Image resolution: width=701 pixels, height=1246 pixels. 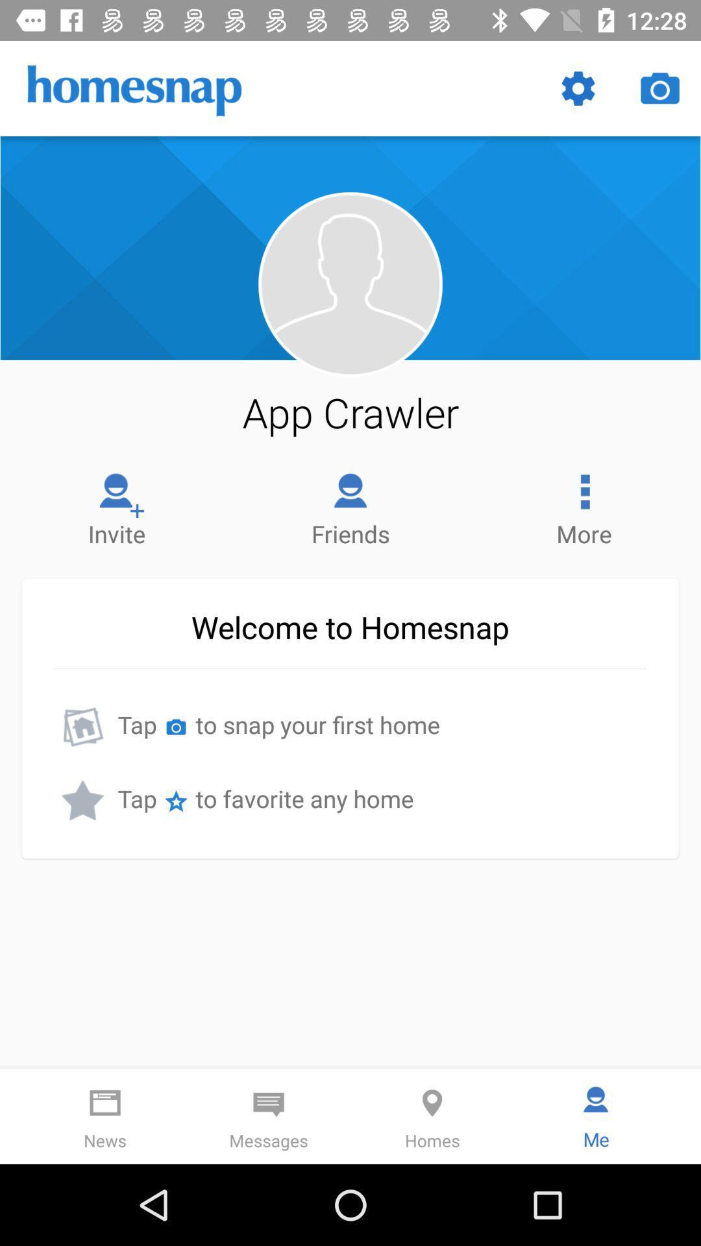 I want to click on the item next to the more, so click(x=350, y=506).